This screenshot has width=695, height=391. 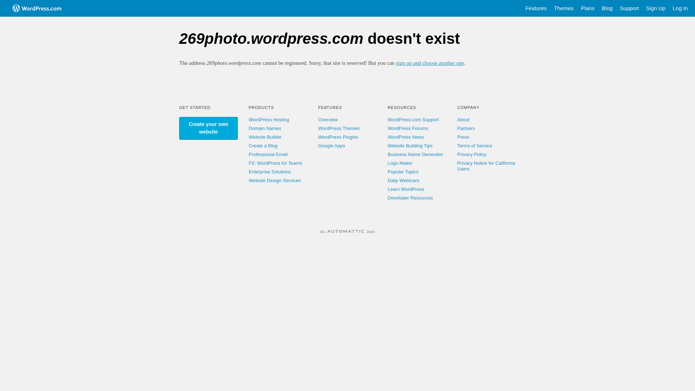 What do you see at coordinates (463, 119) in the screenshot?
I see `'About'` at bounding box center [463, 119].